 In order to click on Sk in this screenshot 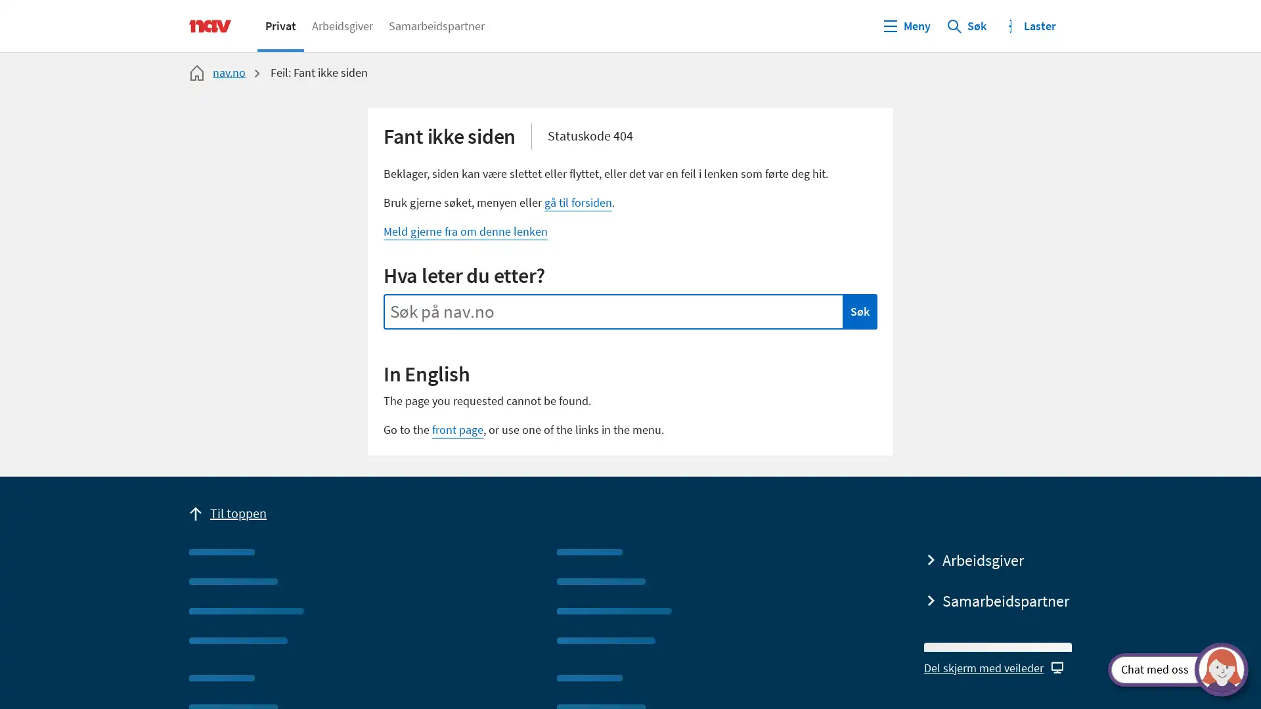, I will do `click(966, 25)`.